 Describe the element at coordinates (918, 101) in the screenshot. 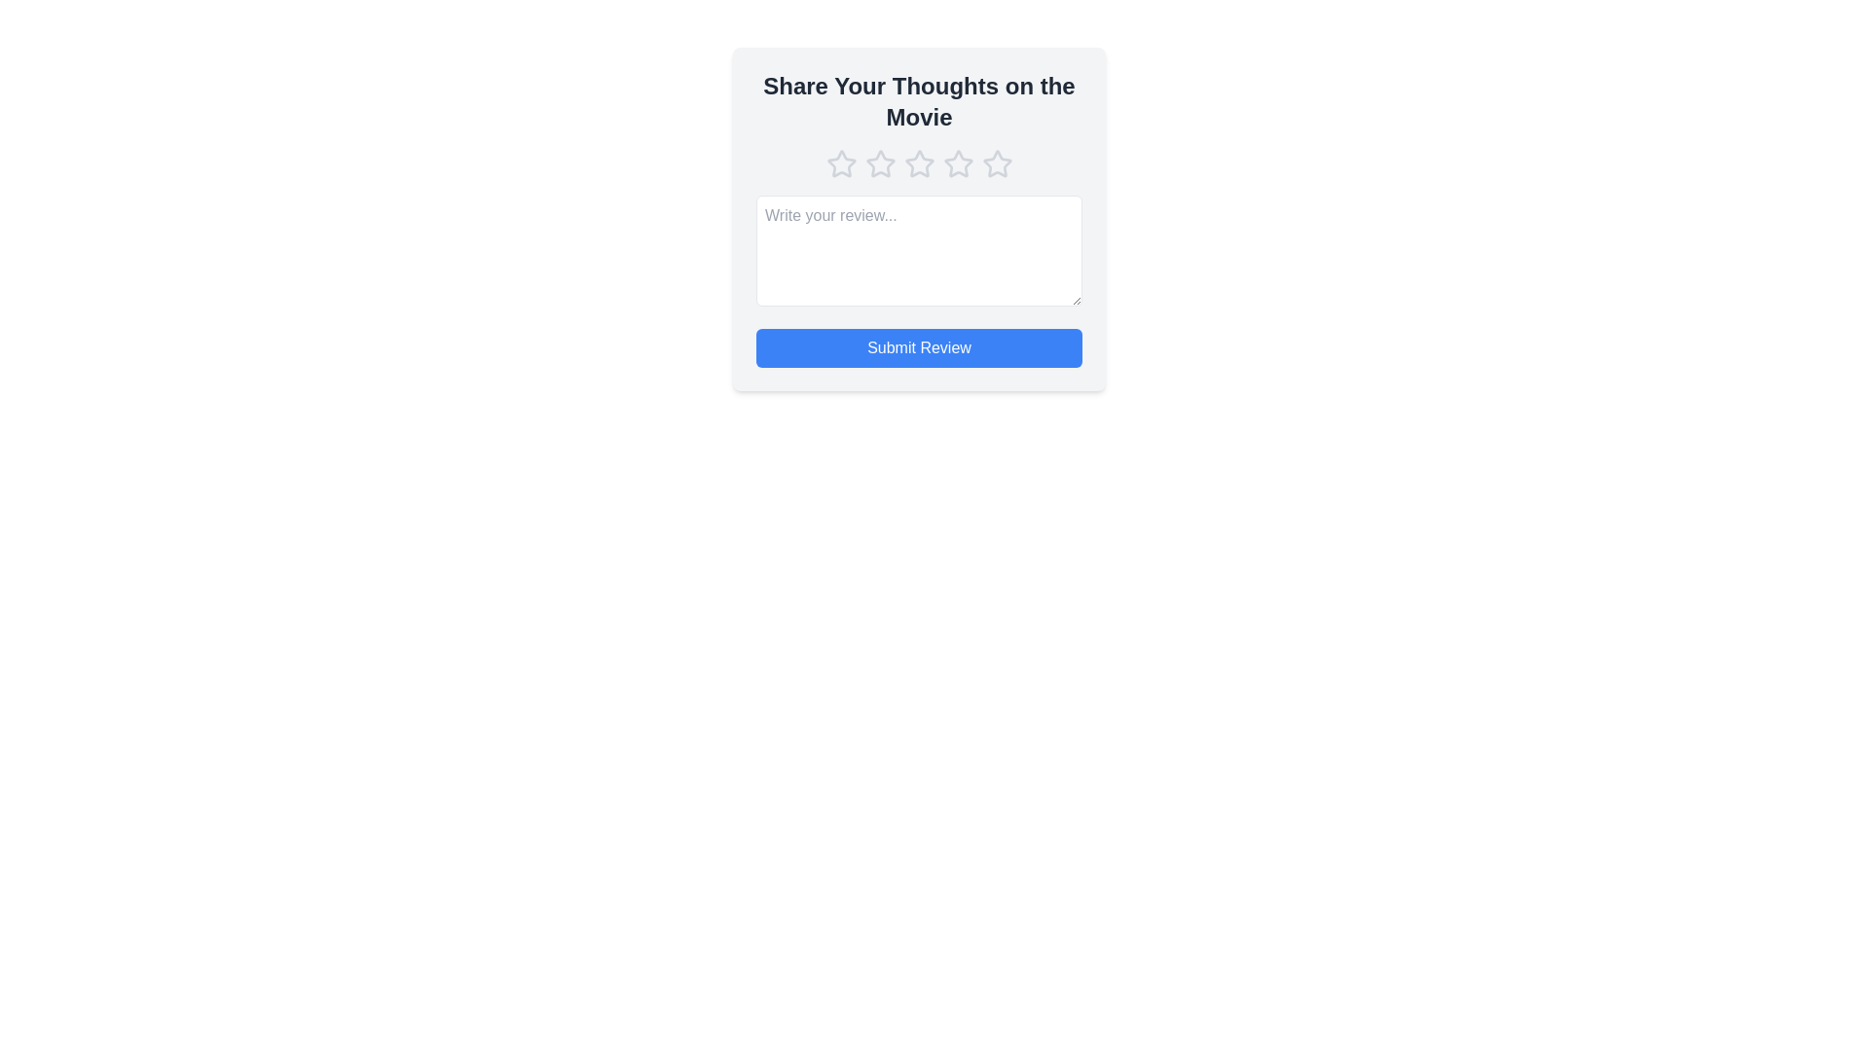

I see `the static text heading labeled 'Share Your Thoughts on the Movie', which is styled with a large, bold font and is center-aligned at the top of the review form` at that location.